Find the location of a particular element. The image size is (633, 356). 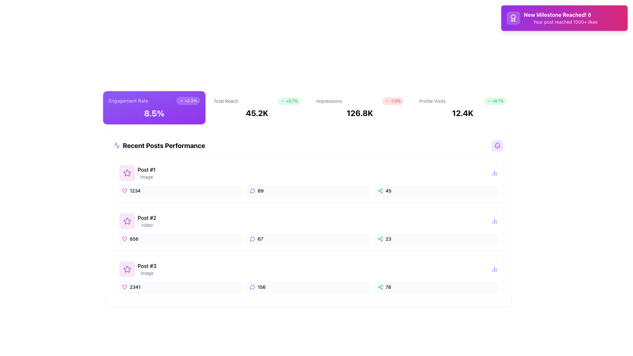

displayed numerical count indicating the number of comments or interactions associated with a post in the 'Recent Posts Performance' section is located at coordinates (260, 191).